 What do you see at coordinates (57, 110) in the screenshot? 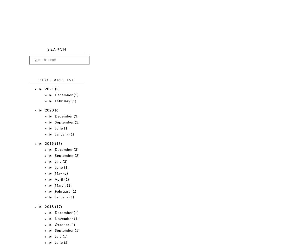
I see `'(6)'` at bounding box center [57, 110].